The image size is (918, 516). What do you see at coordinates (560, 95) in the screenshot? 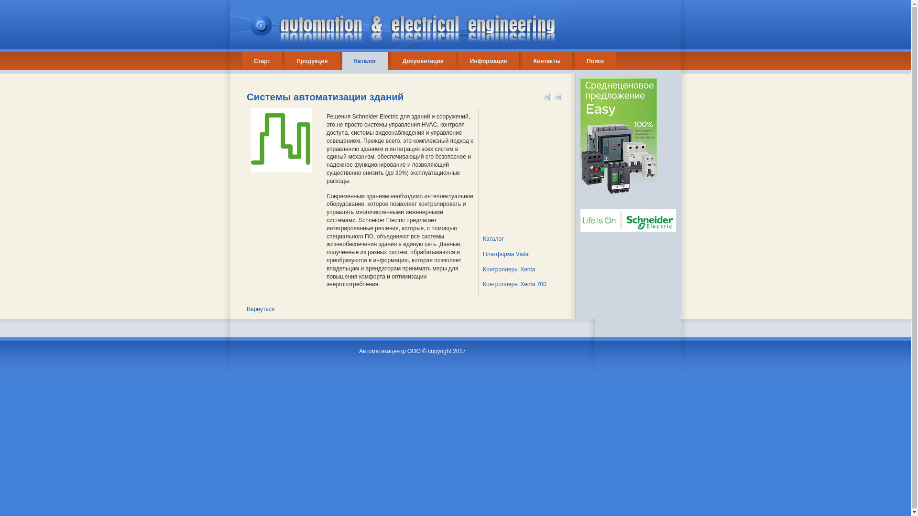
I see `'E-mail'` at bounding box center [560, 95].